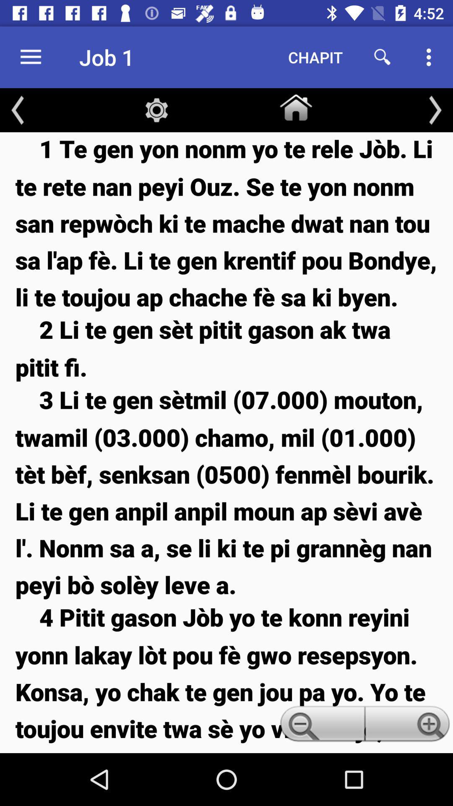 The image size is (453, 806). Describe the element at coordinates (435, 110) in the screenshot. I see `item above the 1 te gen` at that location.